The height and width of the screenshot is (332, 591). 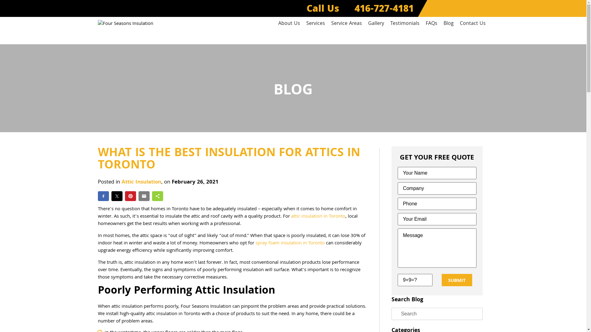 I want to click on 'SUBMIT', so click(x=457, y=280).